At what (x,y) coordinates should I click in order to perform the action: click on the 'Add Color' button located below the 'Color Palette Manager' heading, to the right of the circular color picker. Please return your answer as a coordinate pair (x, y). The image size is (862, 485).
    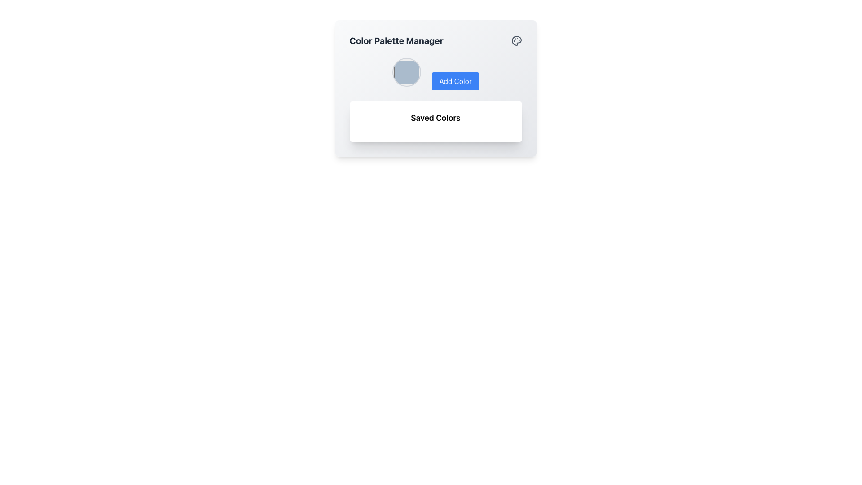
    Looking at the image, I should click on (435, 74).